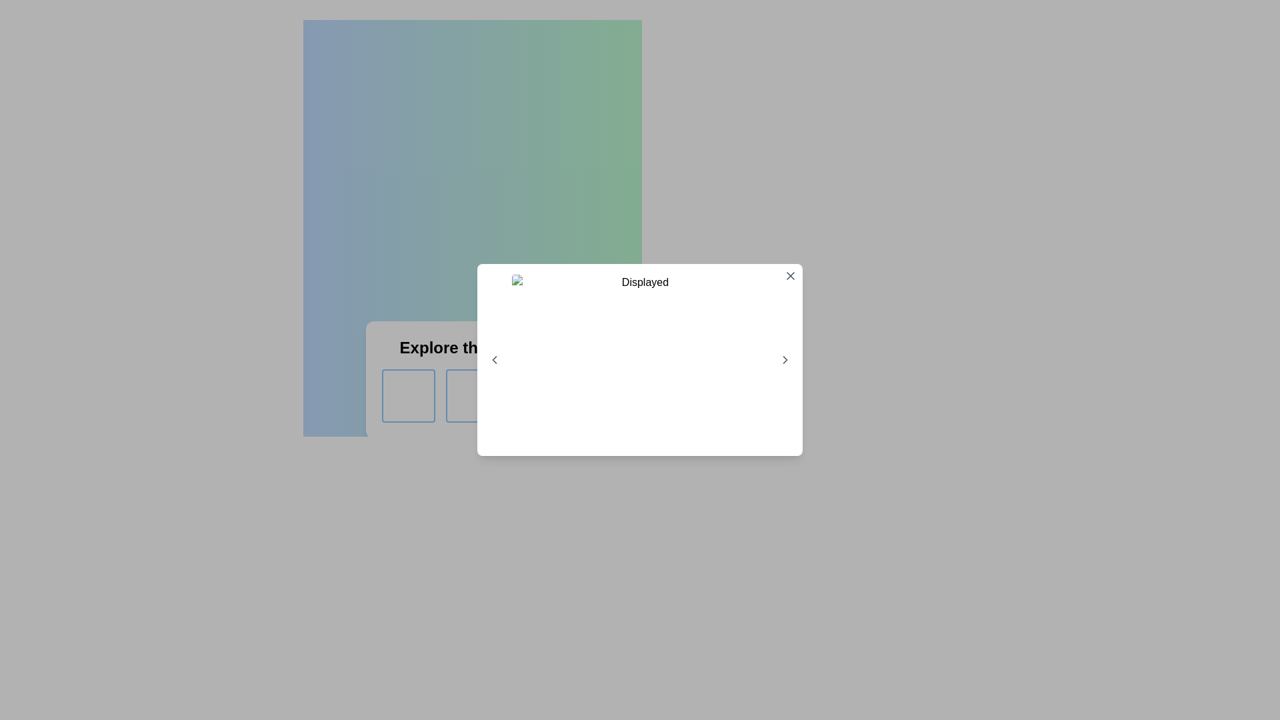 This screenshot has width=1280, height=720. Describe the element at coordinates (494, 360) in the screenshot. I see `the left-pointing chevron icon button in the modal` at that location.